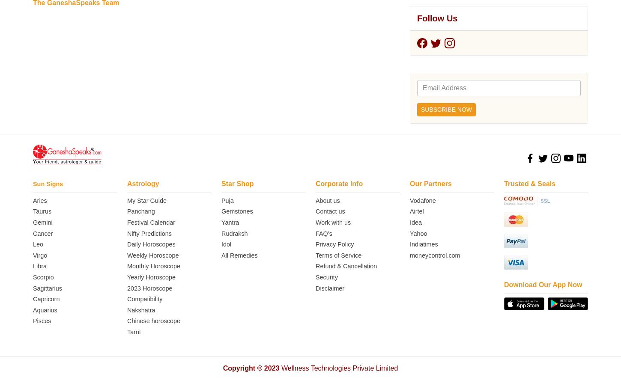 This screenshot has height=380, width=621. What do you see at coordinates (330, 17) in the screenshot?
I see `'Disclaimer'` at bounding box center [330, 17].